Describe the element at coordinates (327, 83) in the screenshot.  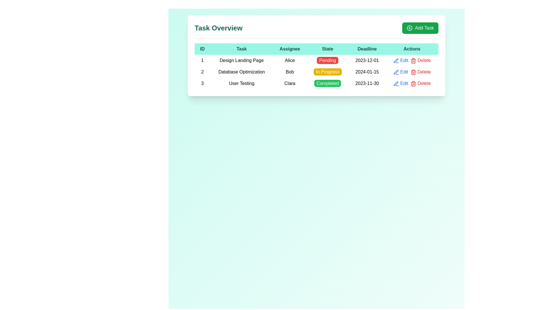
I see `the non-interactive status label indicating the completion of the 'User Testing' task in the 'State' column of the third row under 'Task Overview'` at that location.